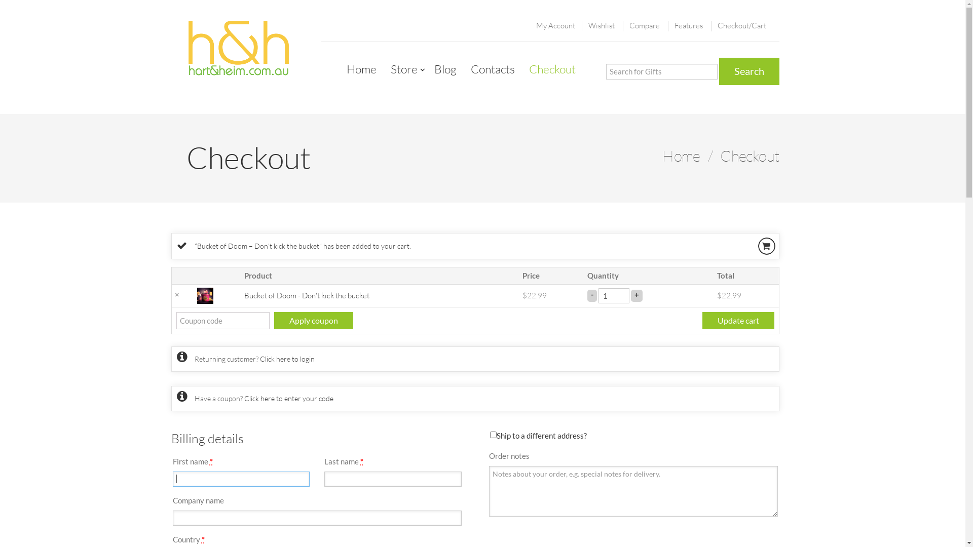 The image size is (973, 547). What do you see at coordinates (702, 320) in the screenshot?
I see `'Update cart'` at bounding box center [702, 320].